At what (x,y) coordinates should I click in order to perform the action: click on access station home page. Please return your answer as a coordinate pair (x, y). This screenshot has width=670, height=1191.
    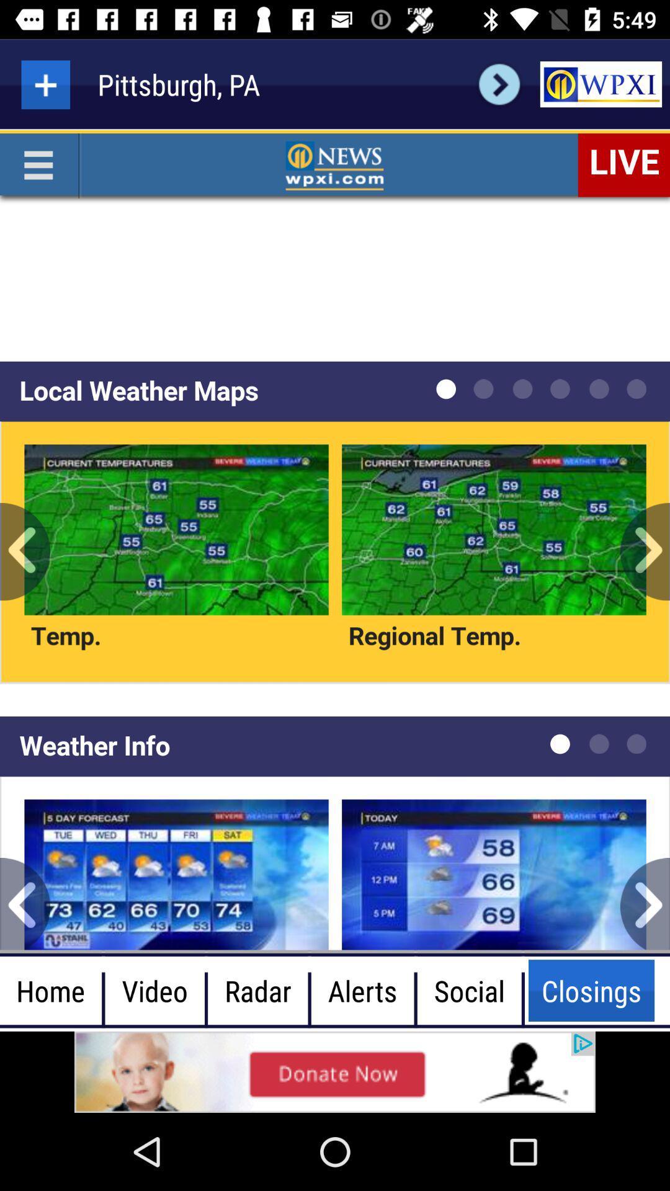
    Looking at the image, I should click on (600, 84).